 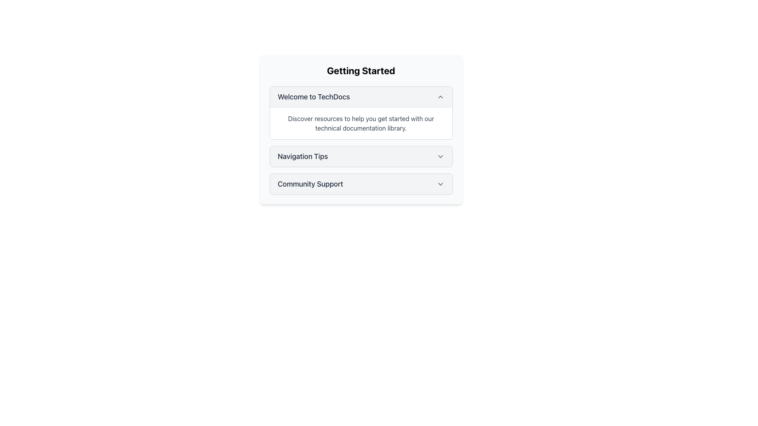 I want to click on the text box containing the message 'Discover resources to help you get started with our technical documentation library.', so click(x=360, y=123).